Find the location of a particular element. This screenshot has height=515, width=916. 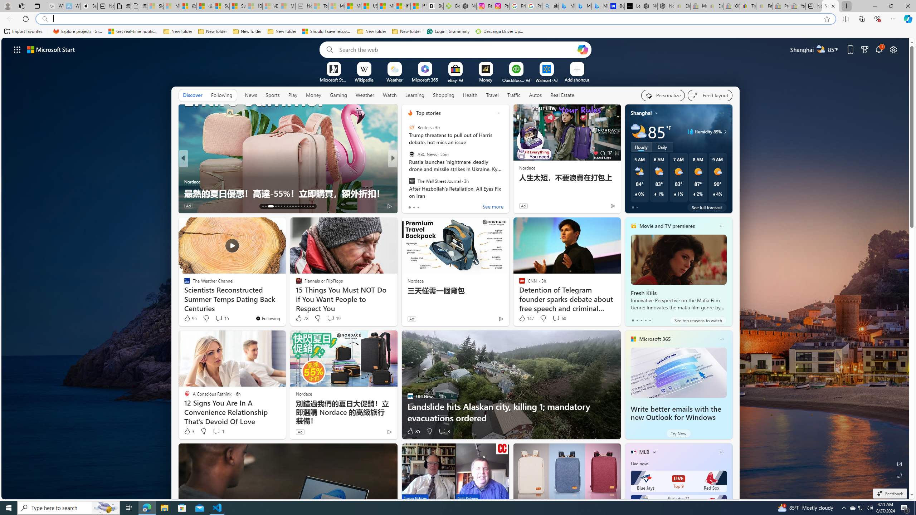

'Press Room - eBay Inc. - Sleeping' is located at coordinates (780, 6).